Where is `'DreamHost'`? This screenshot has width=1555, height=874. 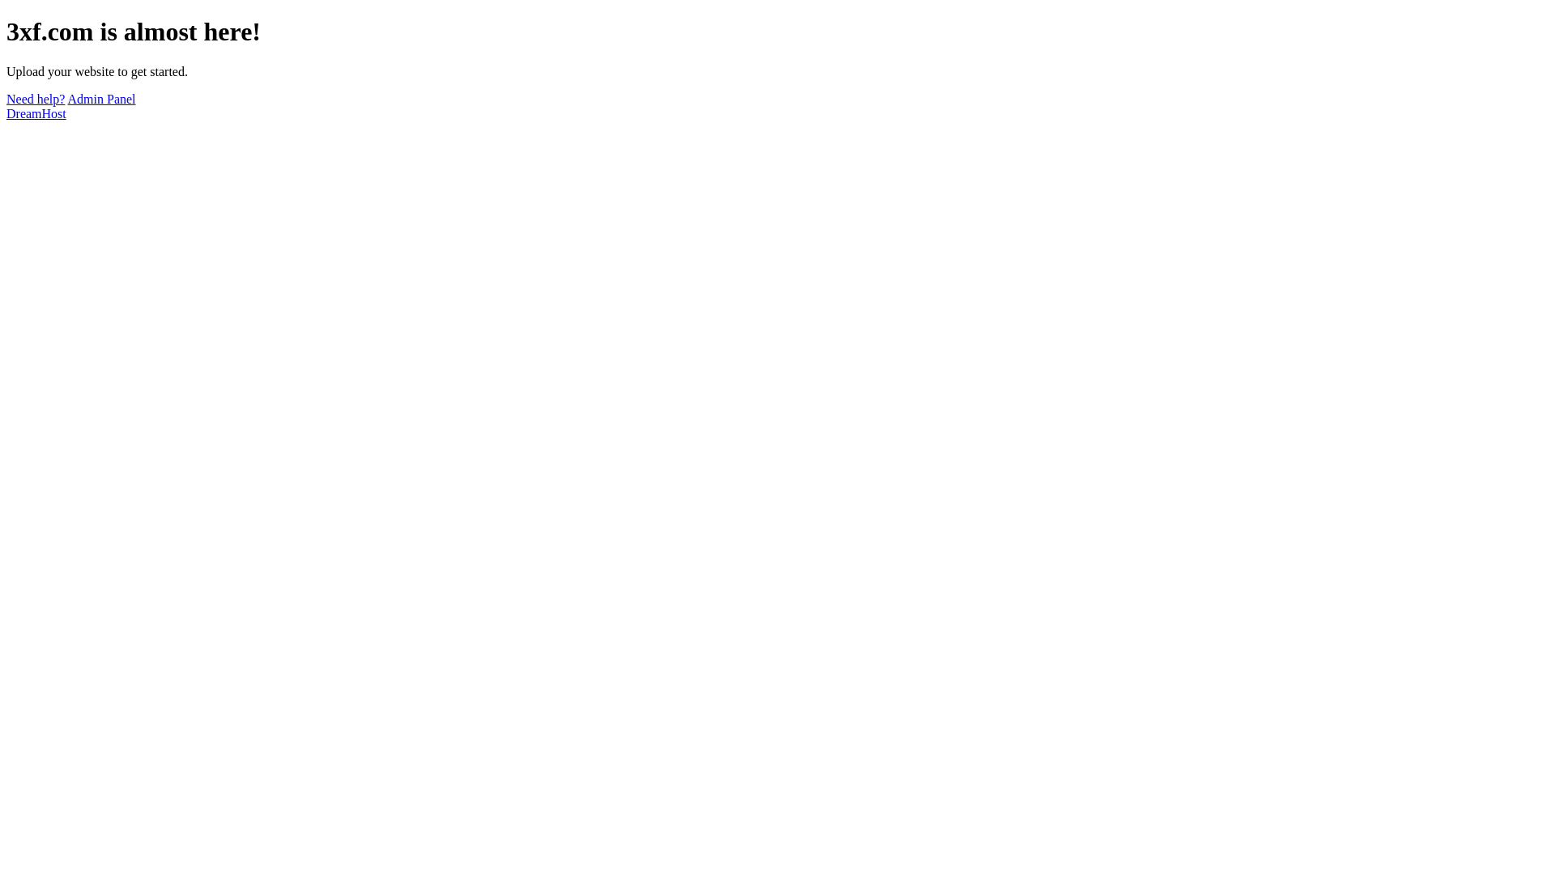
'DreamHost' is located at coordinates (36, 112).